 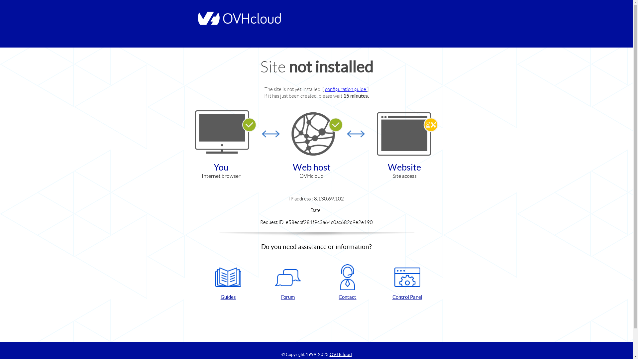 What do you see at coordinates (347, 282) in the screenshot?
I see `'Contact'` at bounding box center [347, 282].